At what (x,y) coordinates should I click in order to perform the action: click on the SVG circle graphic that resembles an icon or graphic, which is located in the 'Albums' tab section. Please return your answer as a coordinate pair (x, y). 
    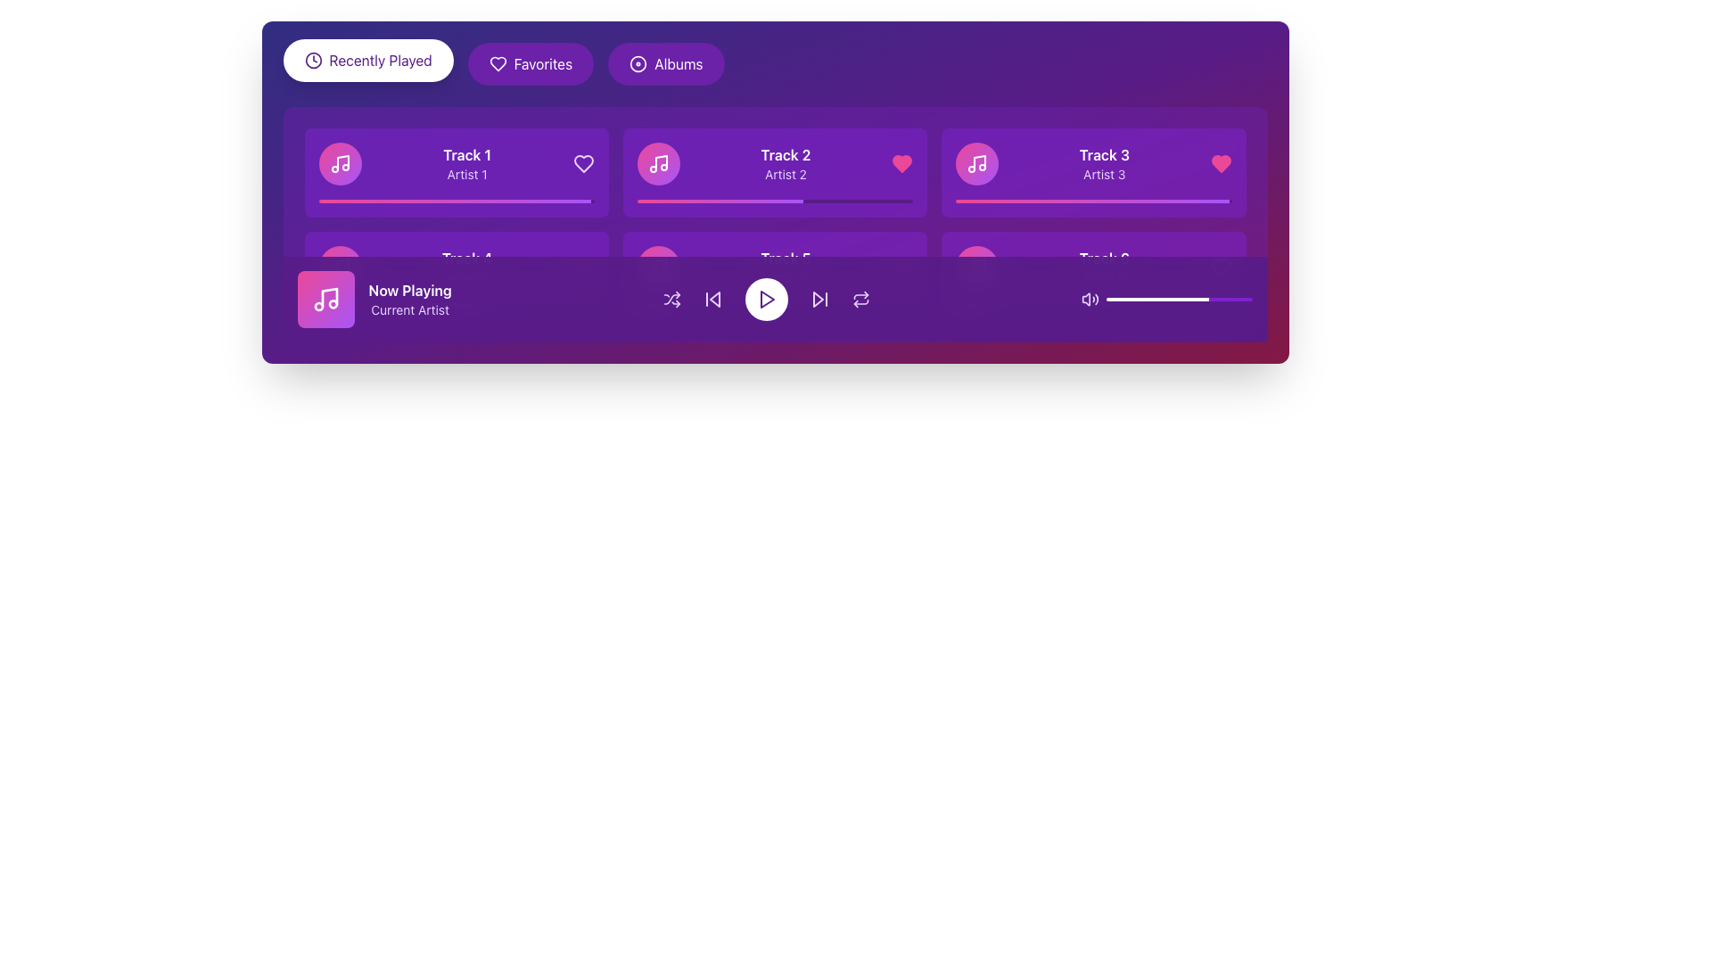
    Looking at the image, I should click on (638, 63).